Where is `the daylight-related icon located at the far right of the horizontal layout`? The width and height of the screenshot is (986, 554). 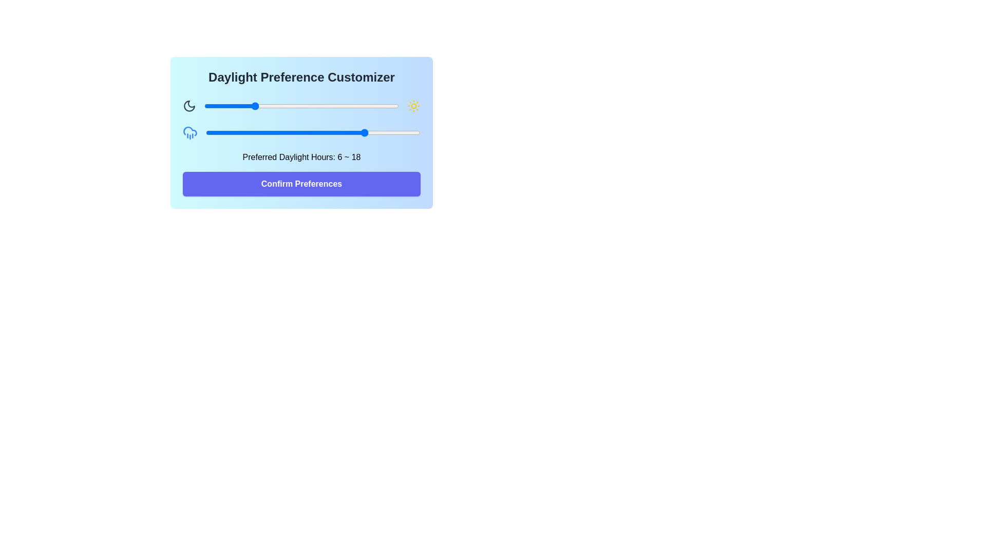
the daylight-related icon located at the far right of the horizontal layout is located at coordinates (413, 106).